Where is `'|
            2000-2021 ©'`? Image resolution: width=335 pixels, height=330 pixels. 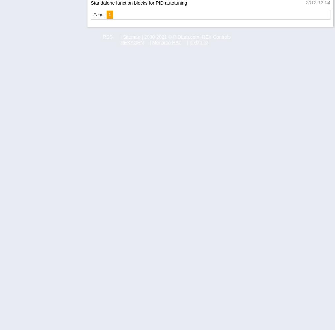
'|
            2000-2021 ©' is located at coordinates (156, 36).